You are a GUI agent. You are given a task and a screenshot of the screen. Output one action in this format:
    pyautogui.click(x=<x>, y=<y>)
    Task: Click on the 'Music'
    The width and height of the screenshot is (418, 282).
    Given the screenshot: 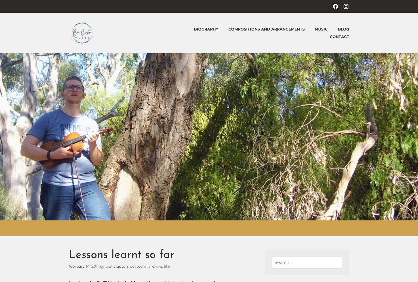 What is the action you would take?
    pyautogui.click(x=321, y=29)
    